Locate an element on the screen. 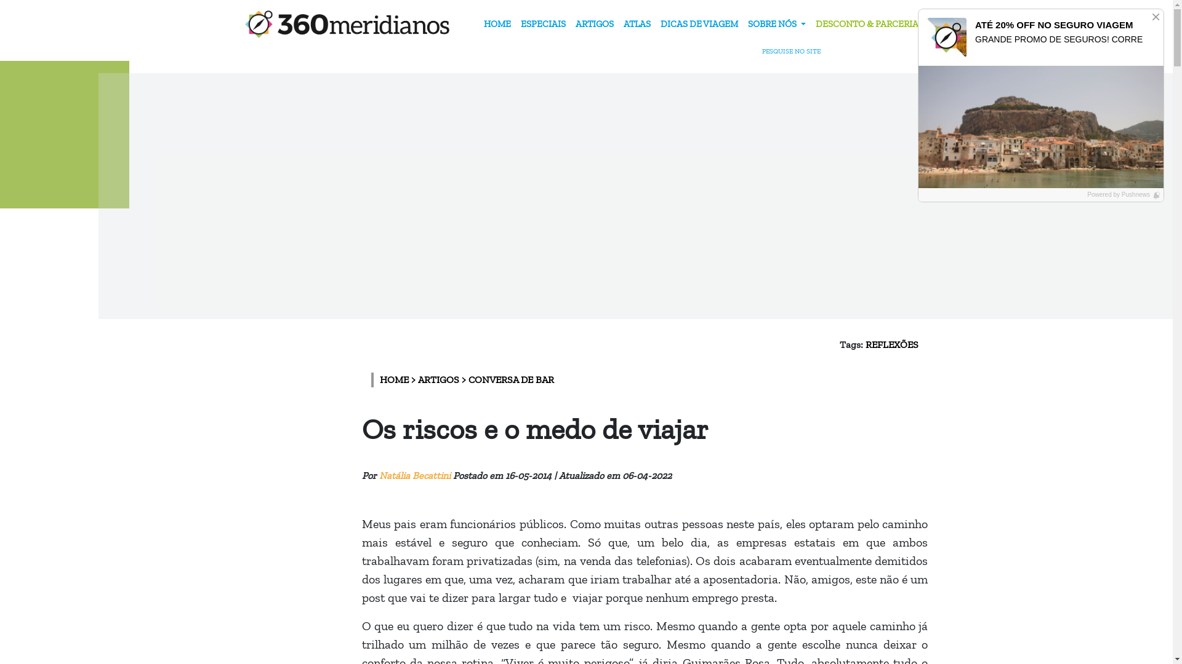 This screenshot has height=664, width=1182. 'CONVERSA DE BAR' is located at coordinates (510, 379).